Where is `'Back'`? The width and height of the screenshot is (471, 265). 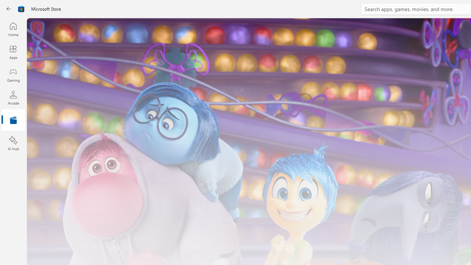
'Back' is located at coordinates (9, 9).